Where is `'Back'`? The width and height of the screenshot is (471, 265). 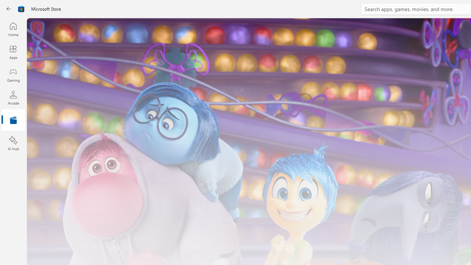
'Back' is located at coordinates (9, 9).